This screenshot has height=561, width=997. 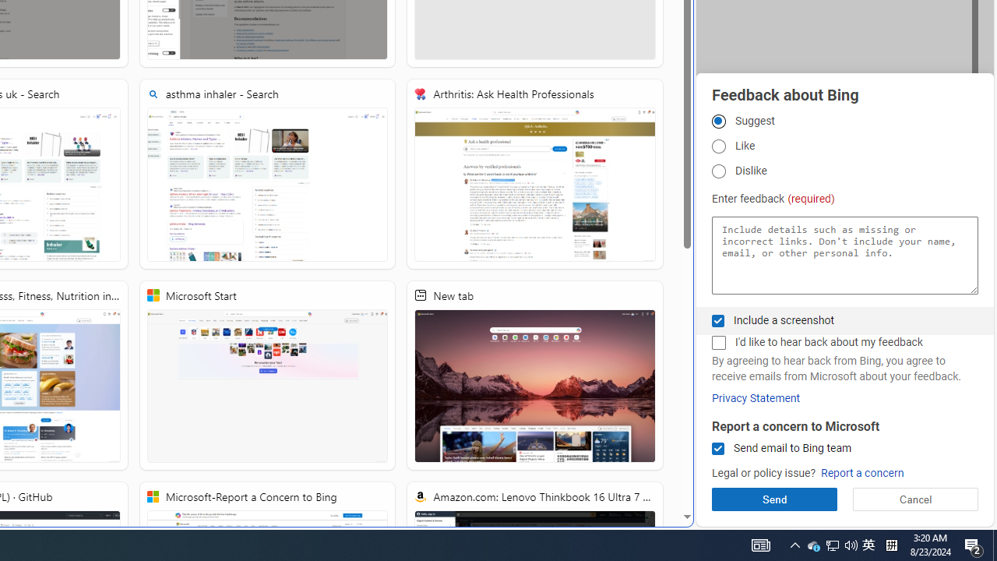 What do you see at coordinates (756, 397) in the screenshot?
I see `'Privacy Statement'` at bounding box center [756, 397].